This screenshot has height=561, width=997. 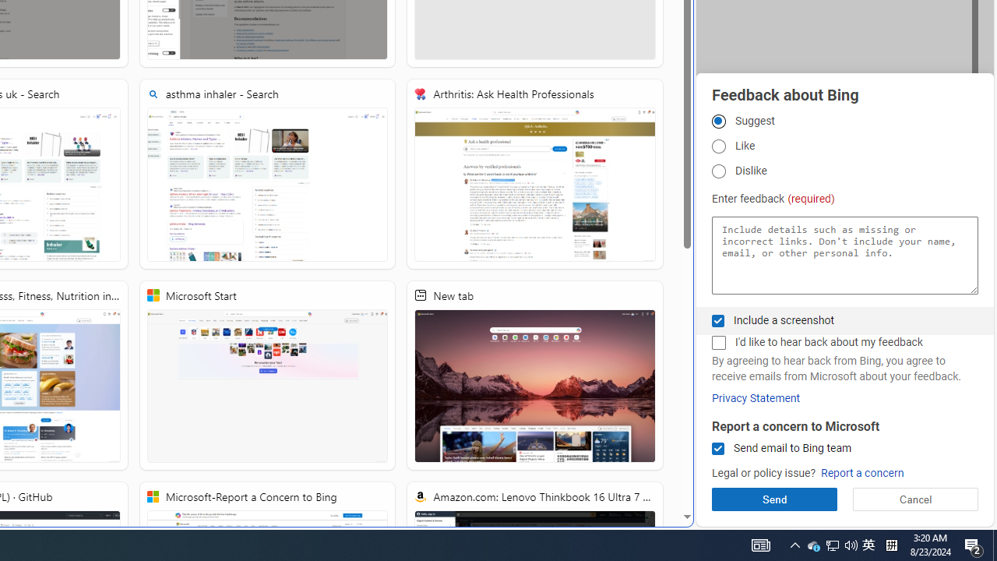 What do you see at coordinates (756, 397) in the screenshot?
I see `'Privacy Statement'` at bounding box center [756, 397].